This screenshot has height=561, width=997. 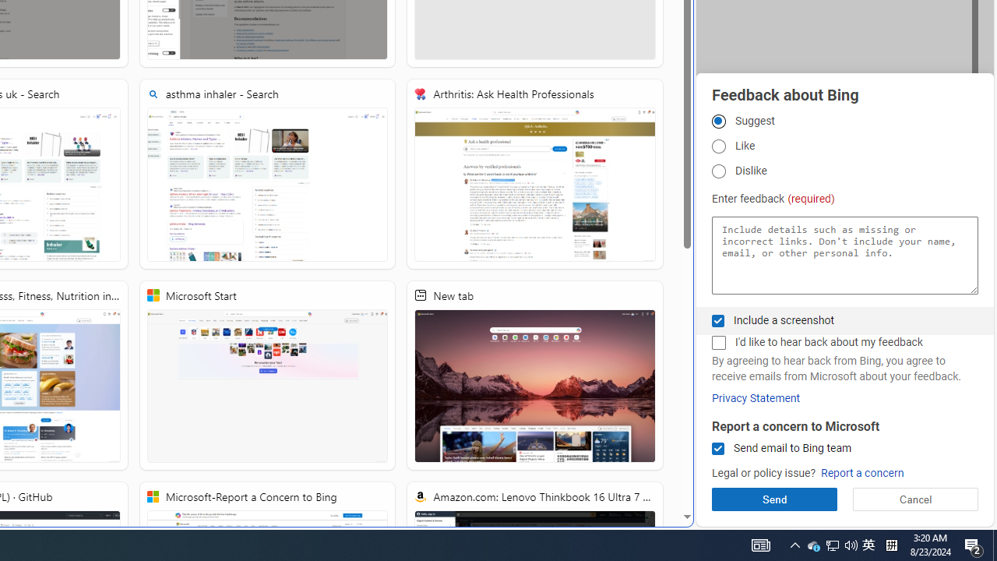 What do you see at coordinates (756, 397) in the screenshot?
I see `'Privacy Statement'` at bounding box center [756, 397].